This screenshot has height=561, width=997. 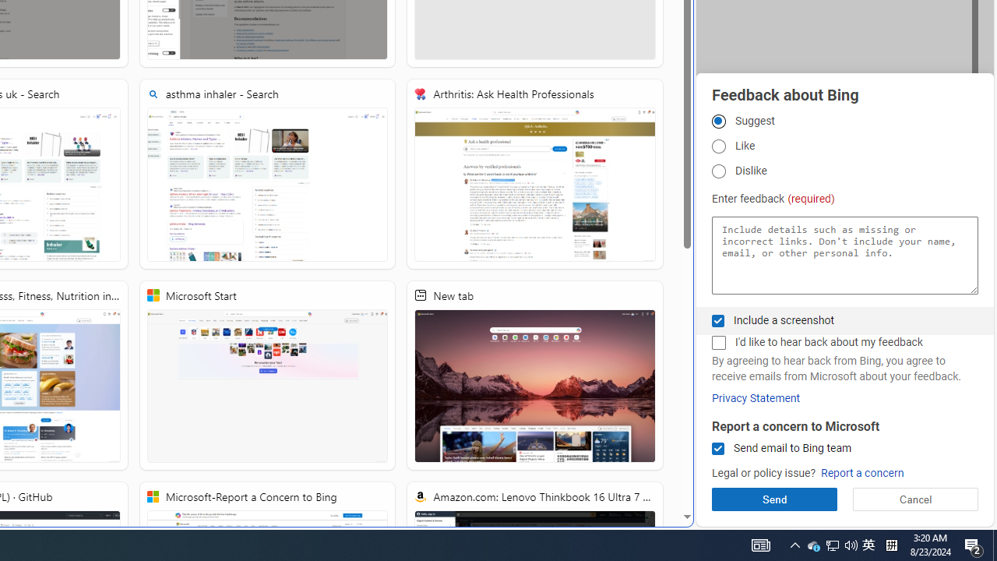 What do you see at coordinates (756, 397) in the screenshot?
I see `'Privacy Statement'` at bounding box center [756, 397].